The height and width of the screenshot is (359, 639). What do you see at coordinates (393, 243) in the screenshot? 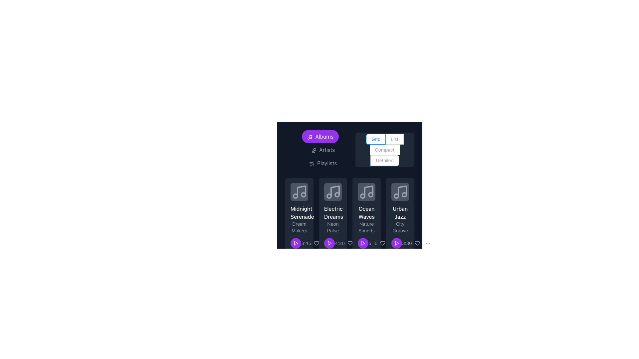
I see `the button styled as three vertically arranged dots (ellipsis) located at the bottom section of a card-like interface` at bounding box center [393, 243].